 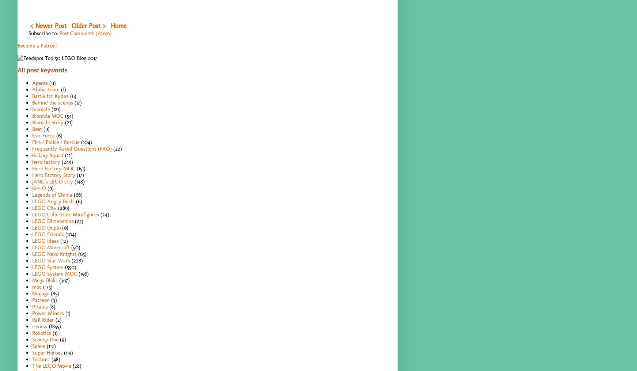 I want to click on '(151)', so click(x=81, y=167).